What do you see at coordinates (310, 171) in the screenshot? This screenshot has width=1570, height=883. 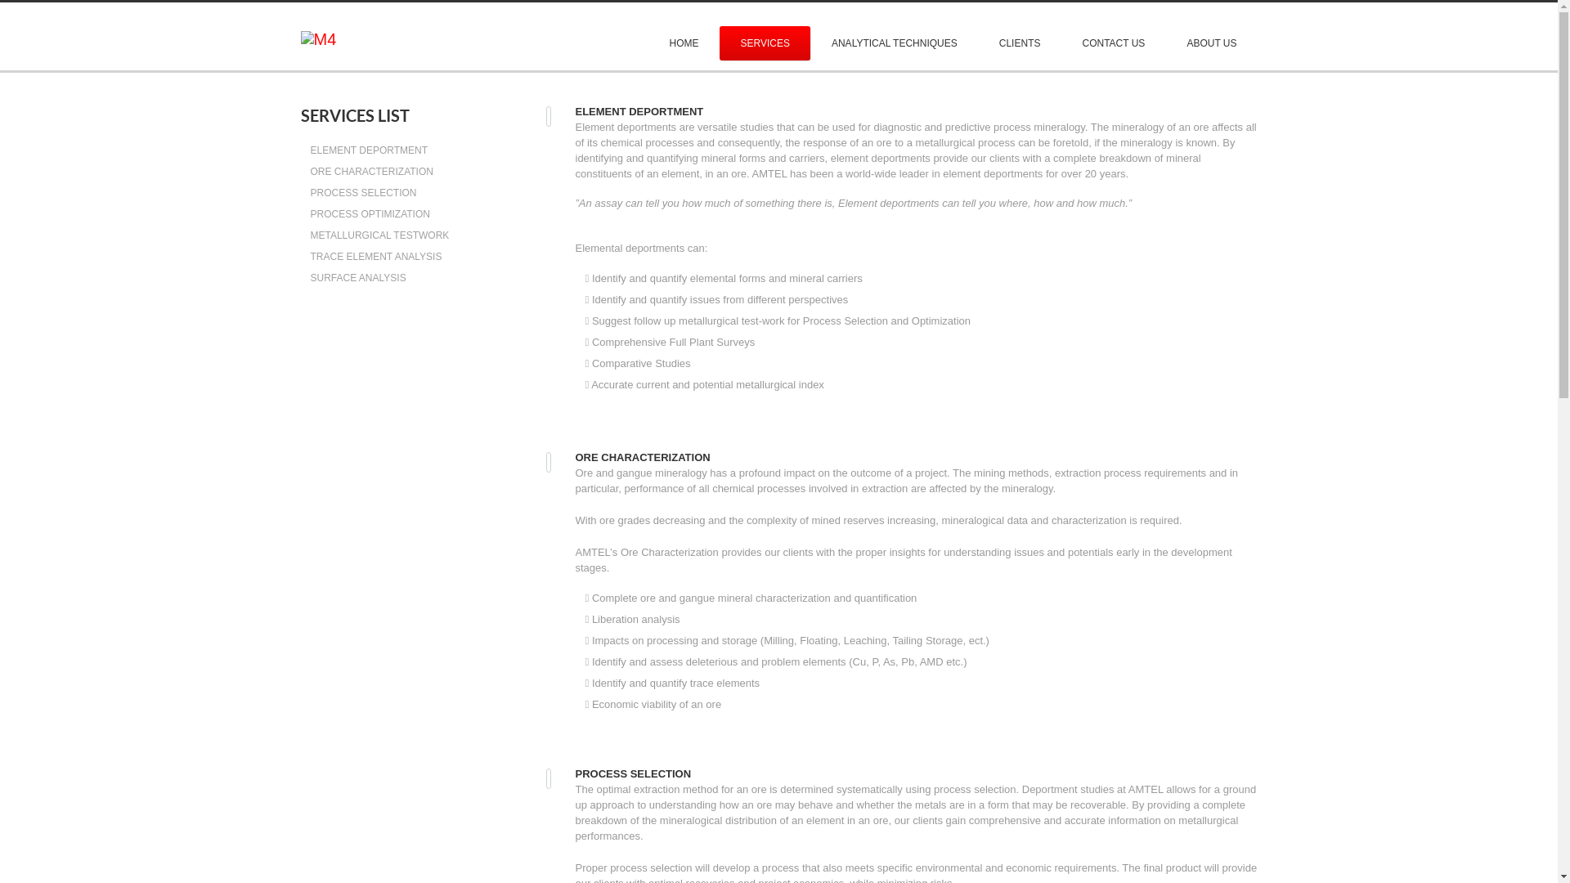 I see `'ORE CHARACTERIZATION'` at bounding box center [310, 171].